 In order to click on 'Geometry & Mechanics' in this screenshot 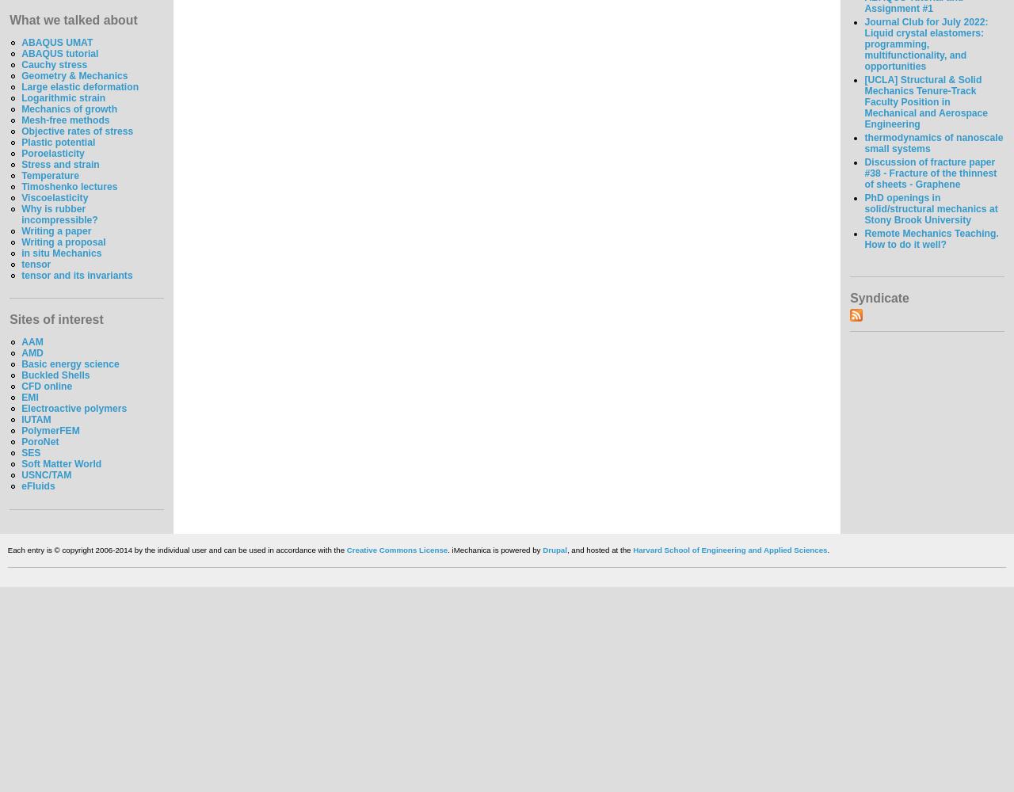, I will do `click(73, 74)`.